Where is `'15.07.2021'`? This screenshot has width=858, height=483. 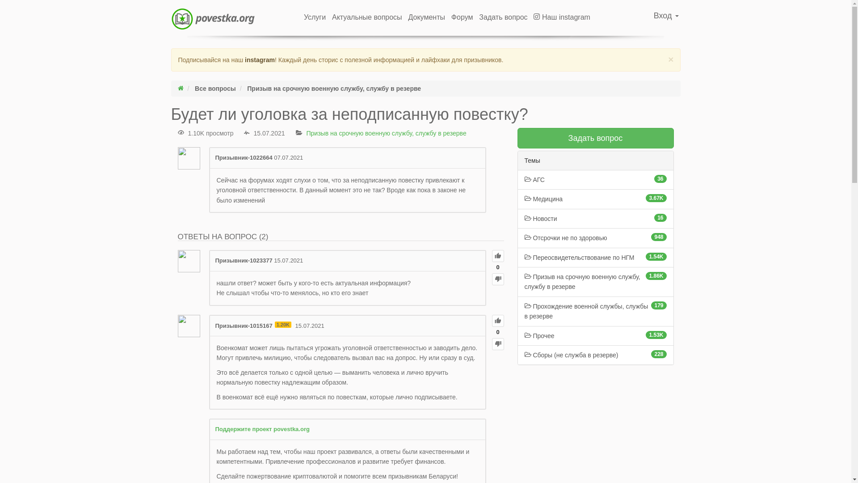
'15.07.2021' is located at coordinates (295, 325).